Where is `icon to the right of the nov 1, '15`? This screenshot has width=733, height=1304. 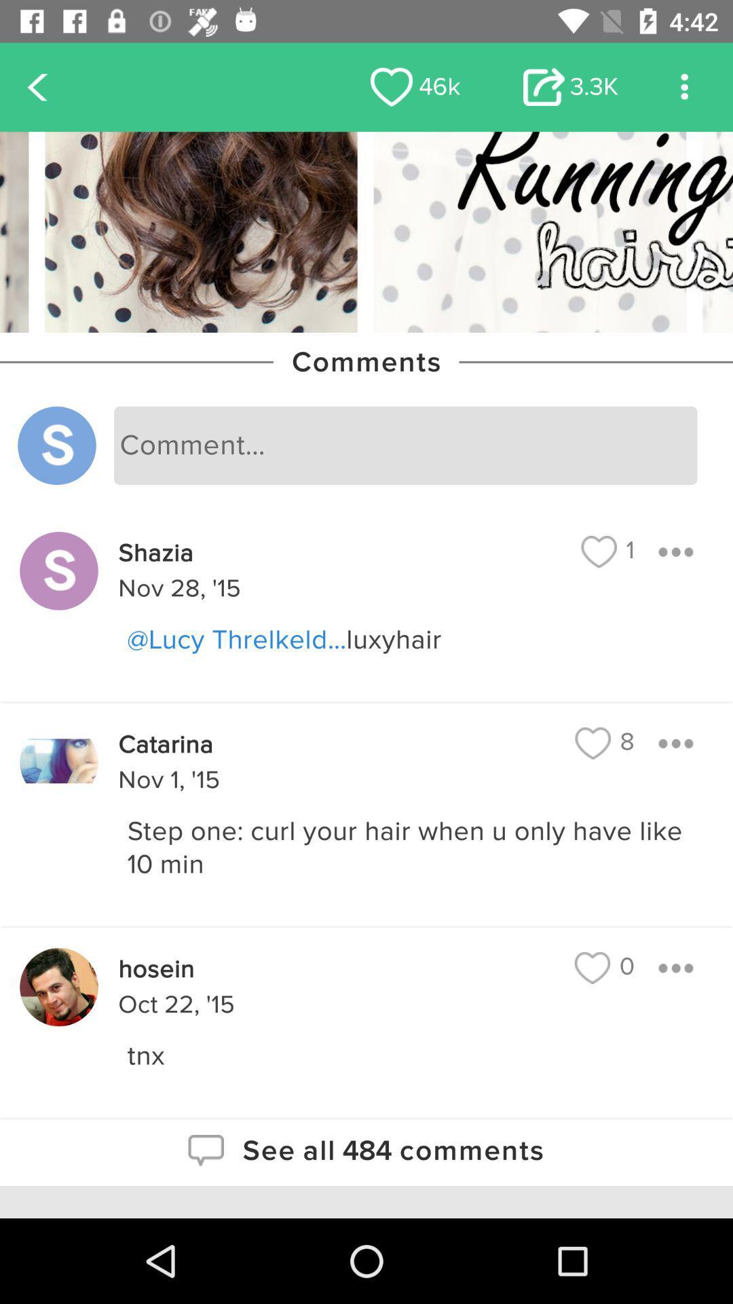
icon to the right of the nov 1, '15 is located at coordinates (604, 742).